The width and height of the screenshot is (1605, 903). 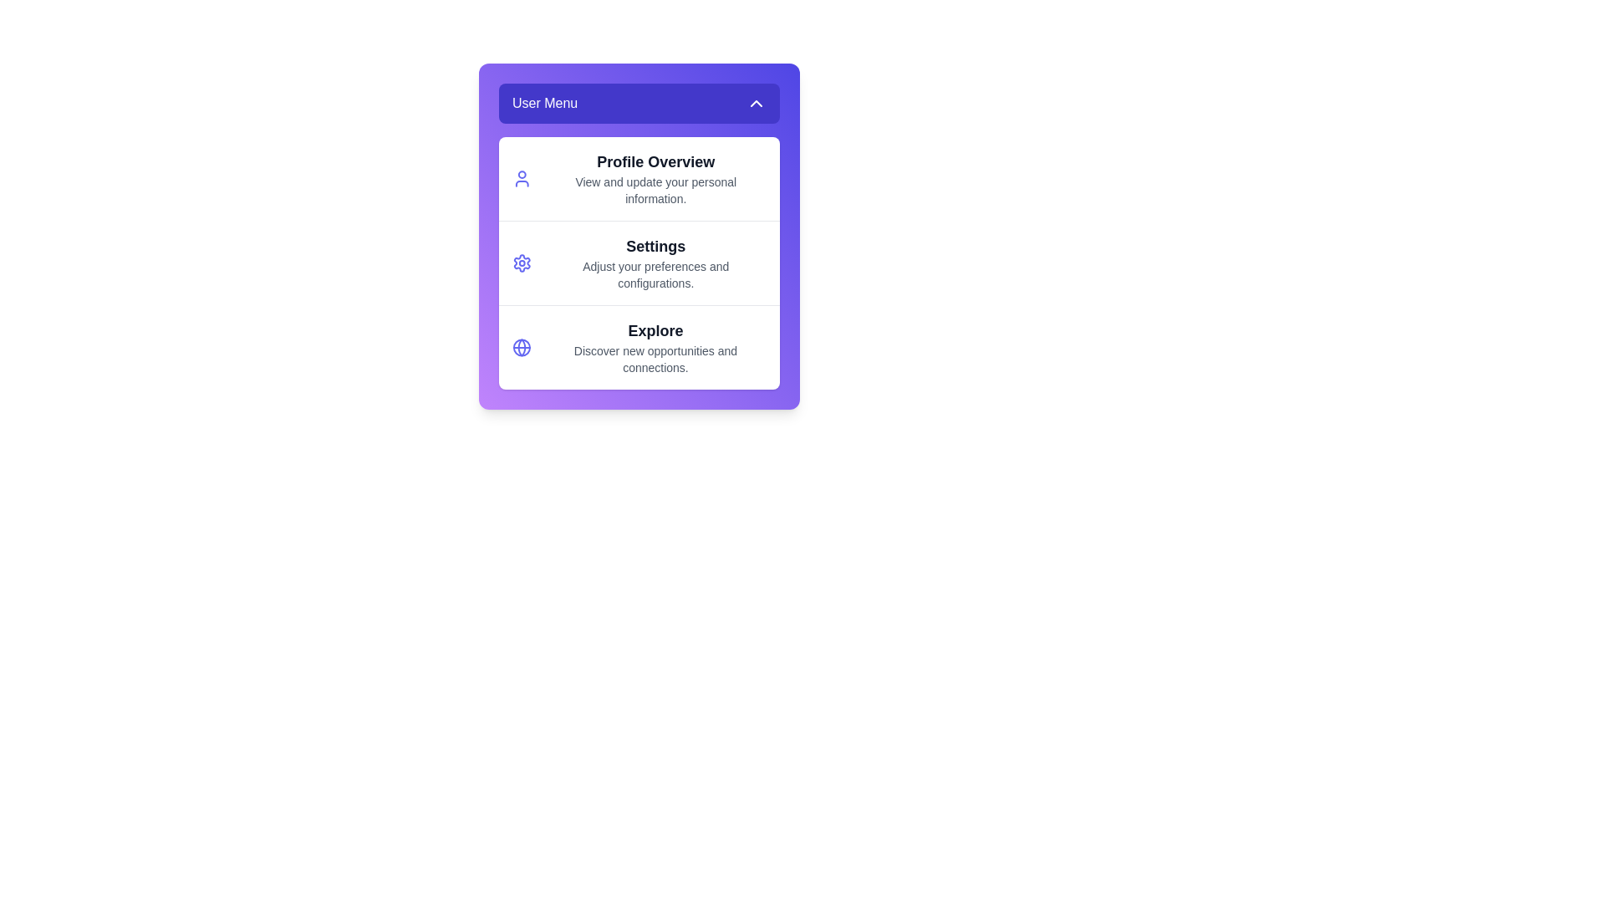 I want to click on the blue globe icon with circular outline located to the left of the 'Explore' header text in the user menu panel, so click(x=521, y=347).